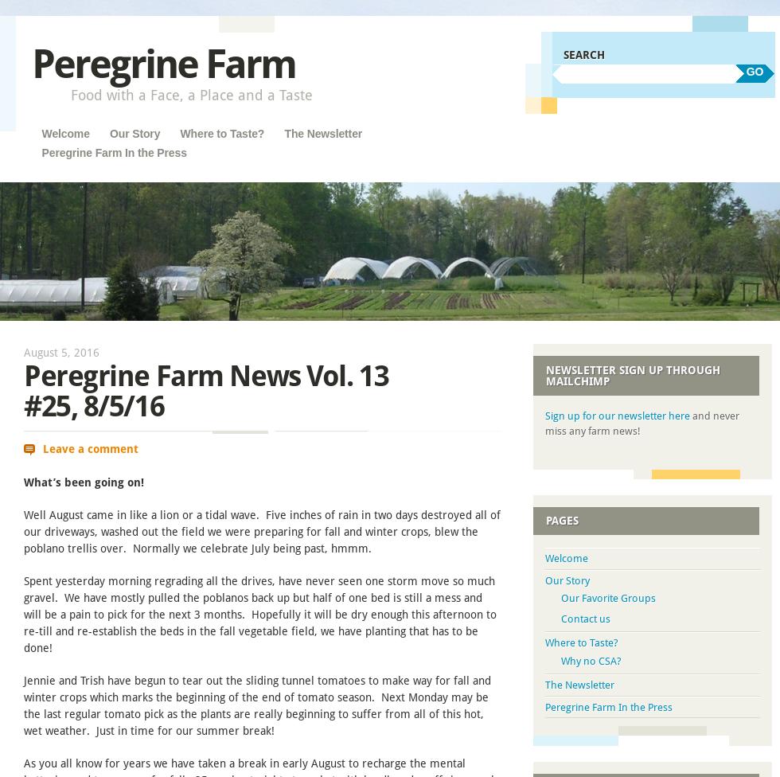 The height and width of the screenshot is (777, 780). What do you see at coordinates (754, 71) in the screenshot?
I see `'GO'` at bounding box center [754, 71].